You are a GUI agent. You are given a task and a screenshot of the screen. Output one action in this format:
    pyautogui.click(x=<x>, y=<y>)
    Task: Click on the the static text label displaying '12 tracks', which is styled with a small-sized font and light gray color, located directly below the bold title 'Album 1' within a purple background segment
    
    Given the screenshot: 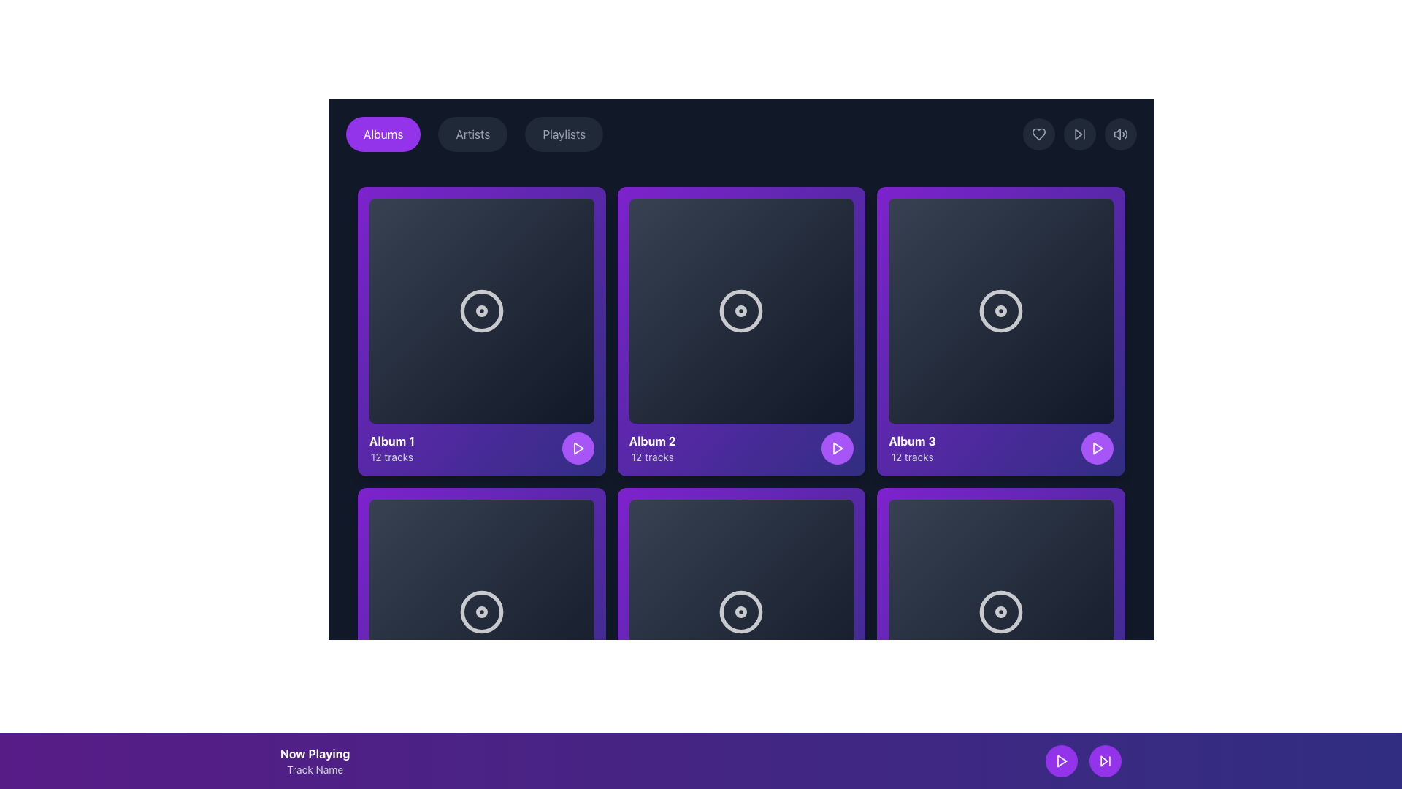 What is the action you would take?
    pyautogui.click(x=392, y=456)
    